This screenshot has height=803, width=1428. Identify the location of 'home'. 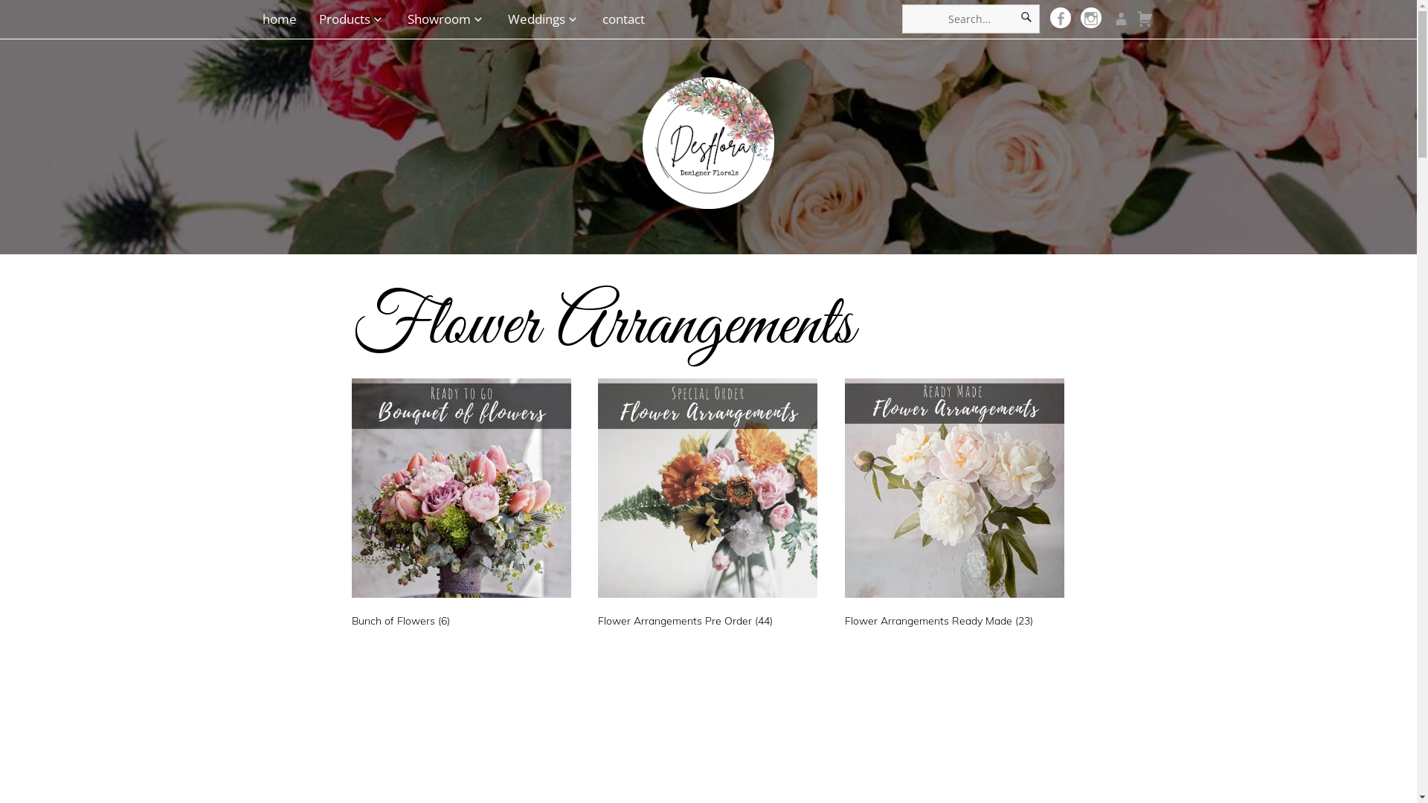
(261, 19).